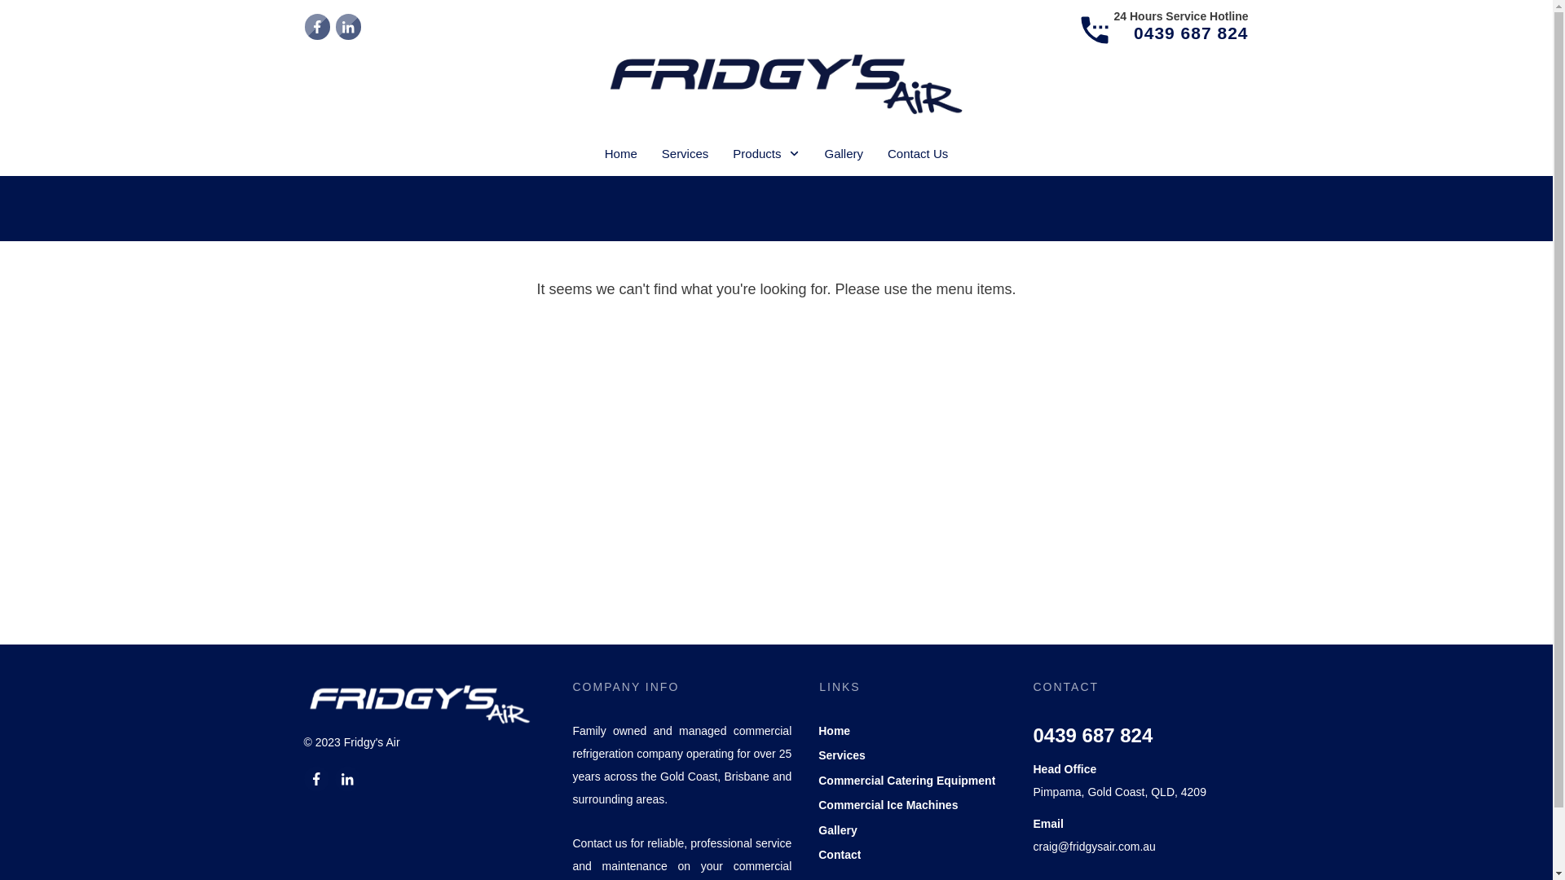 This screenshot has width=1565, height=880. What do you see at coordinates (818, 803) in the screenshot?
I see `'Commercial Ice Machines'` at bounding box center [818, 803].